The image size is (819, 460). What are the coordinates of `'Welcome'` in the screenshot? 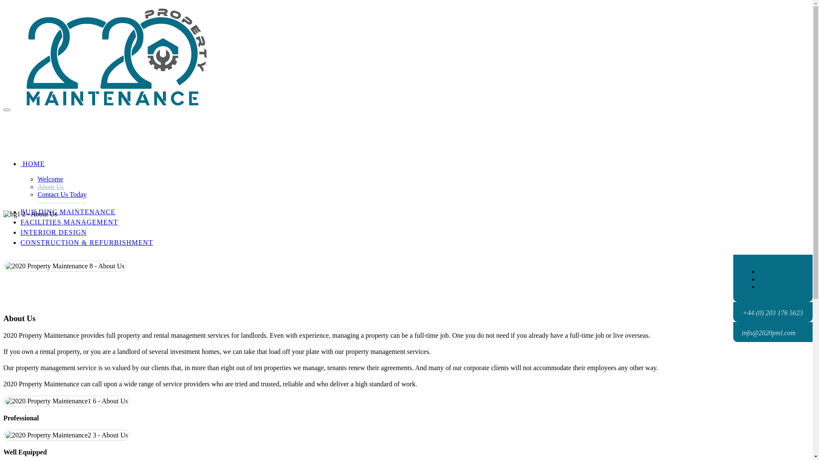 It's located at (50, 178).